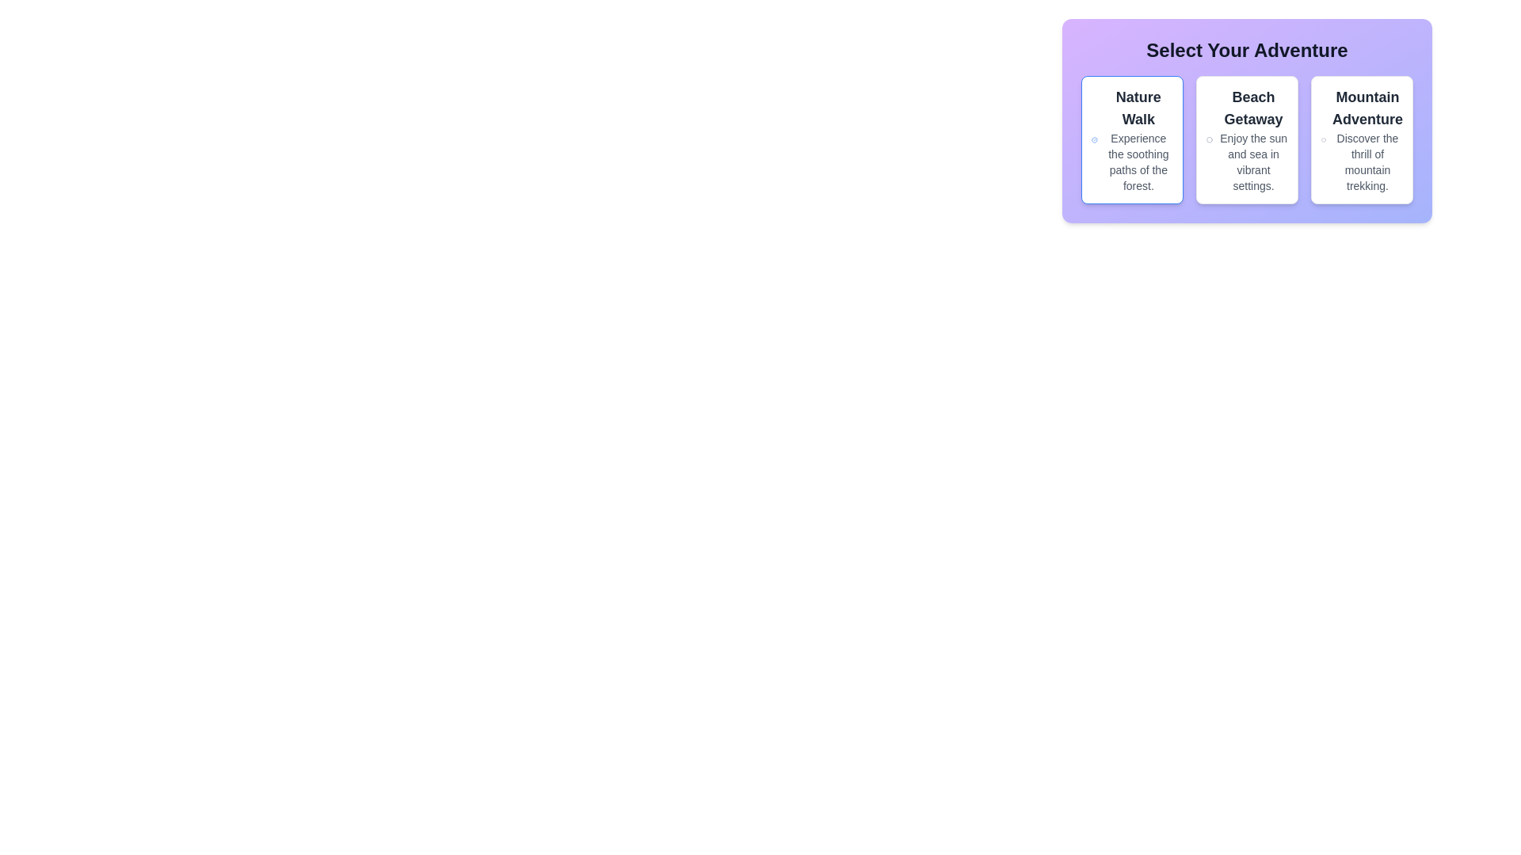  What do you see at coordinates (1246, 139) in the screenshot?
I see `the second card in the grid layout, which is positioned between the 'Nature Walk' card and the 'Mountain Adventure' card, to trigger the animation effect` at bounding box center [1246, 139].